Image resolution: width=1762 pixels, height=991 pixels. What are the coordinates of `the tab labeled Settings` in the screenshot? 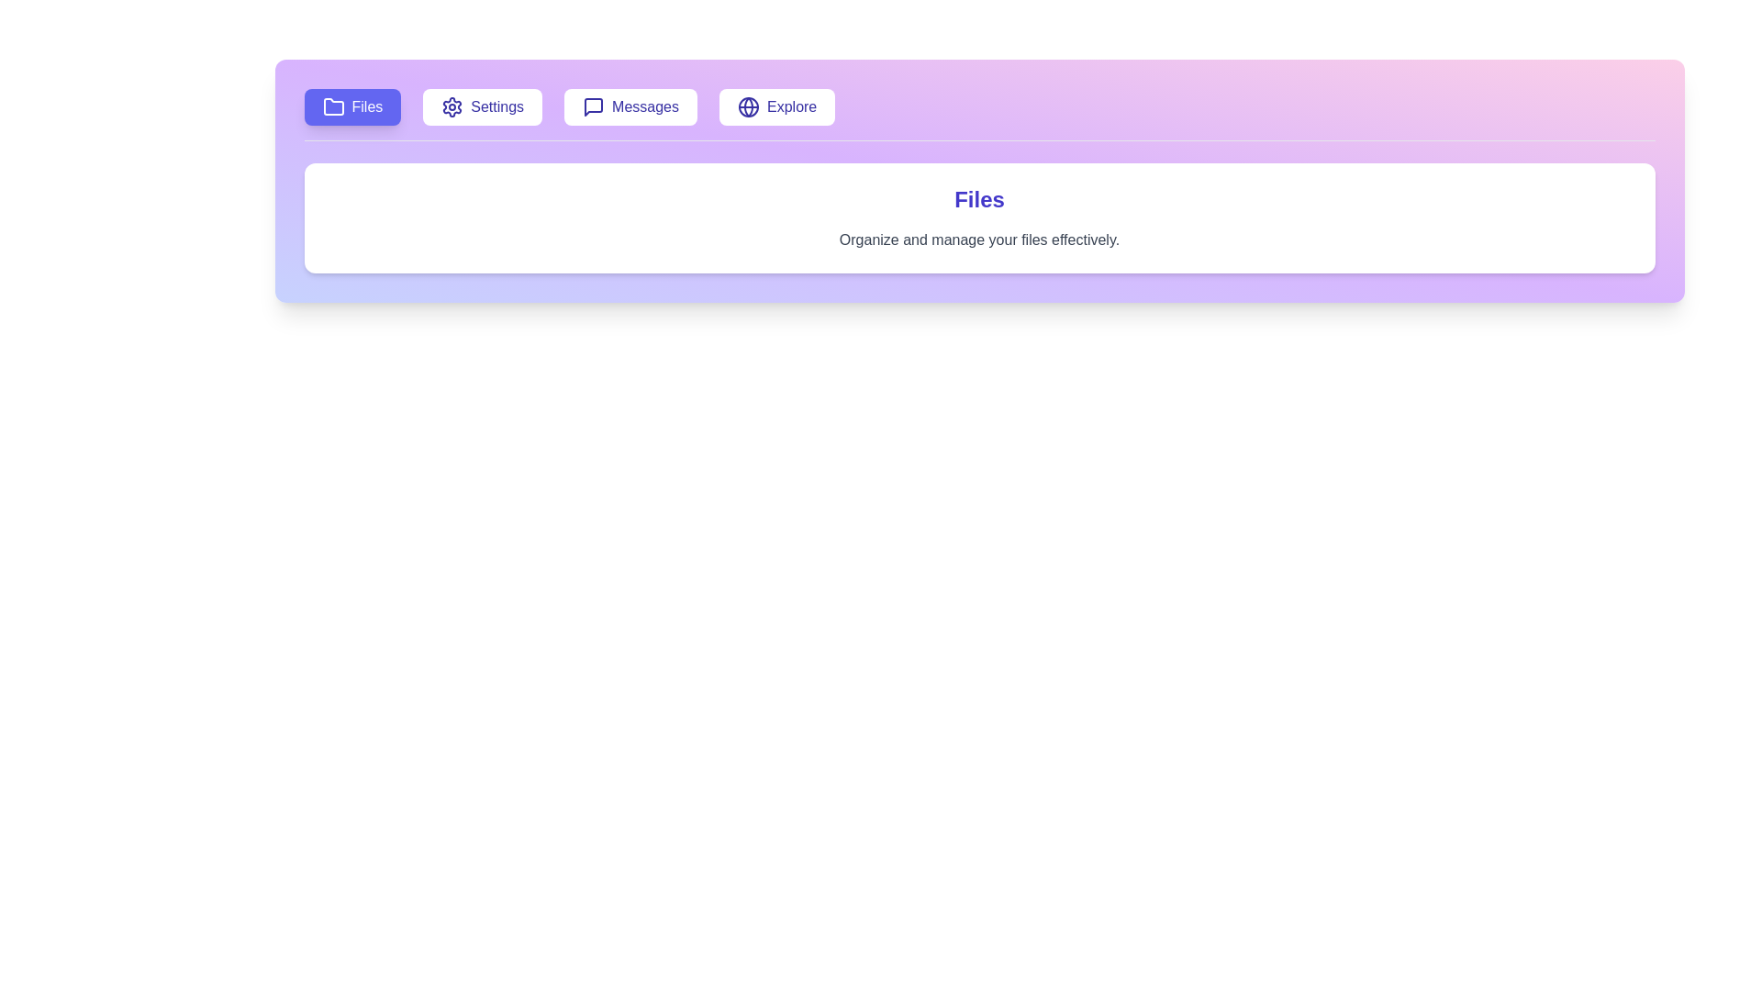 It's located at (483, 106).